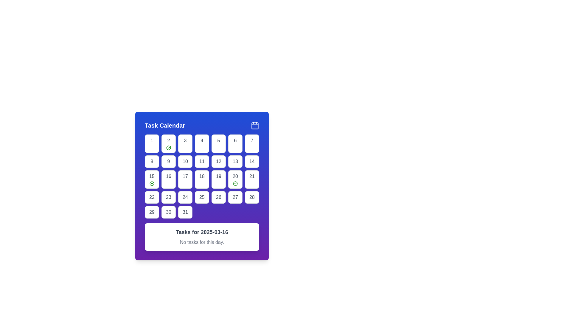 Image resolution: width=572 pixels, height=322 pixels. I want to click on the button representing day '11' in the calendar interface, so click(202, 162).